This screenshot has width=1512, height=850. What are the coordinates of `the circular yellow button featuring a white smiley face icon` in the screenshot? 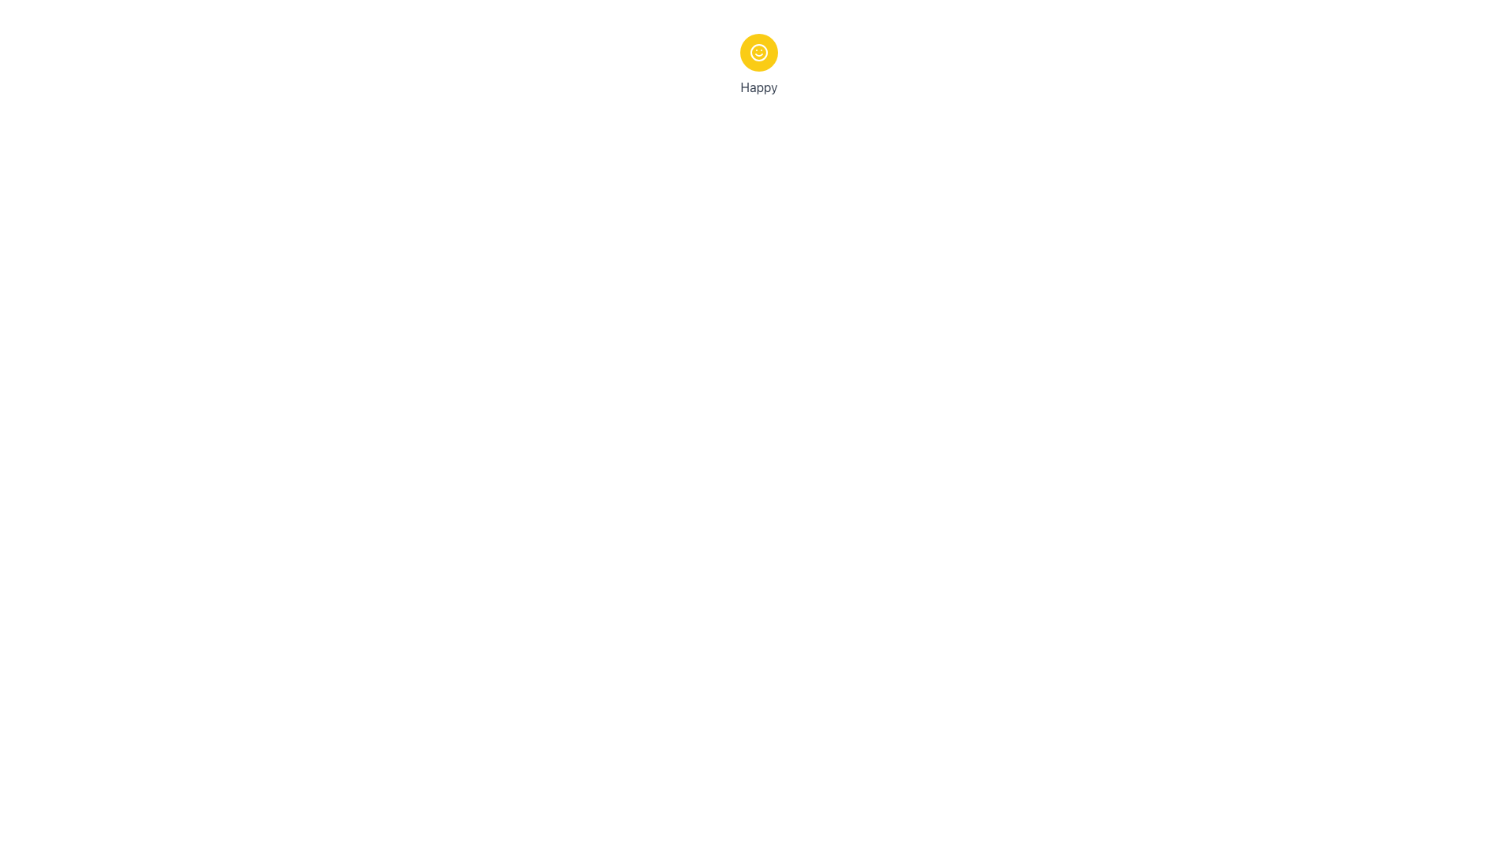 It's located at (759, 51).